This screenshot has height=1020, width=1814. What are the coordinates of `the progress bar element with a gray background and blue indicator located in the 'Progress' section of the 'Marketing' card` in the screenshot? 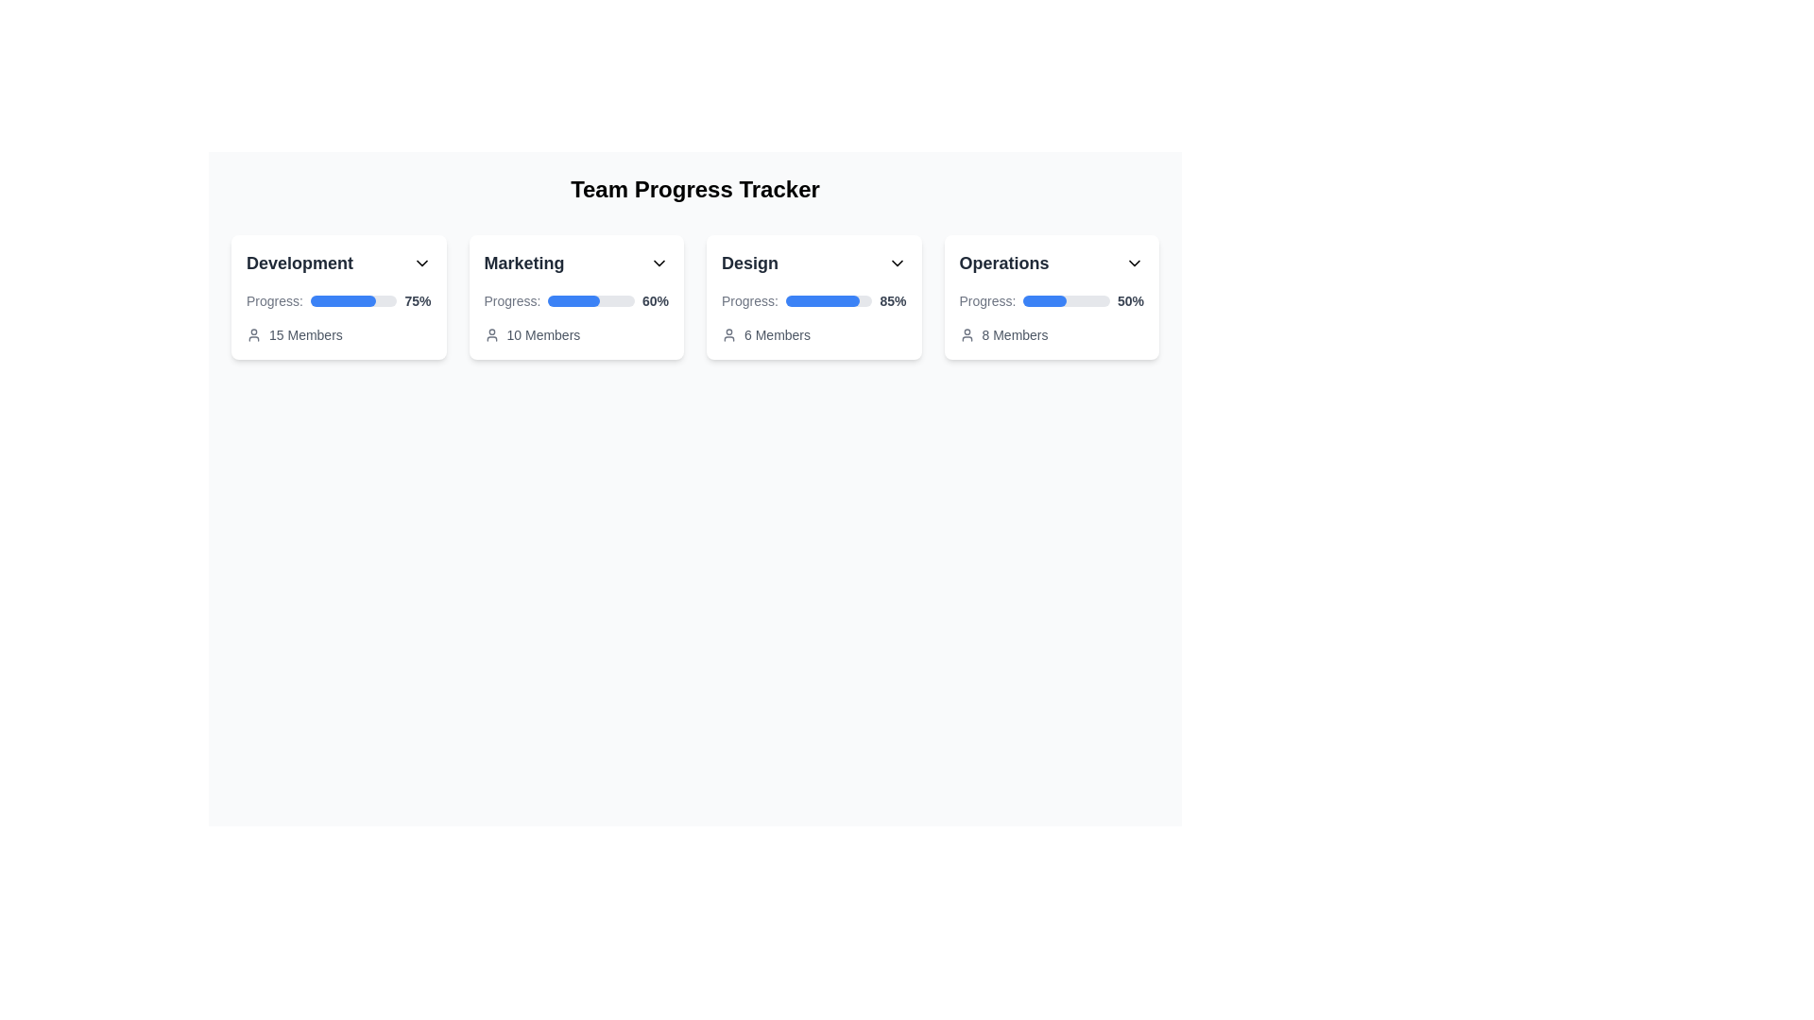 It's located at (590, 300).